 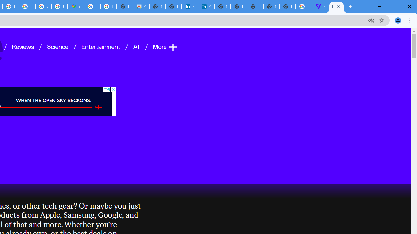 I want to click on 'Google Maps', so click(x=76, y=6).